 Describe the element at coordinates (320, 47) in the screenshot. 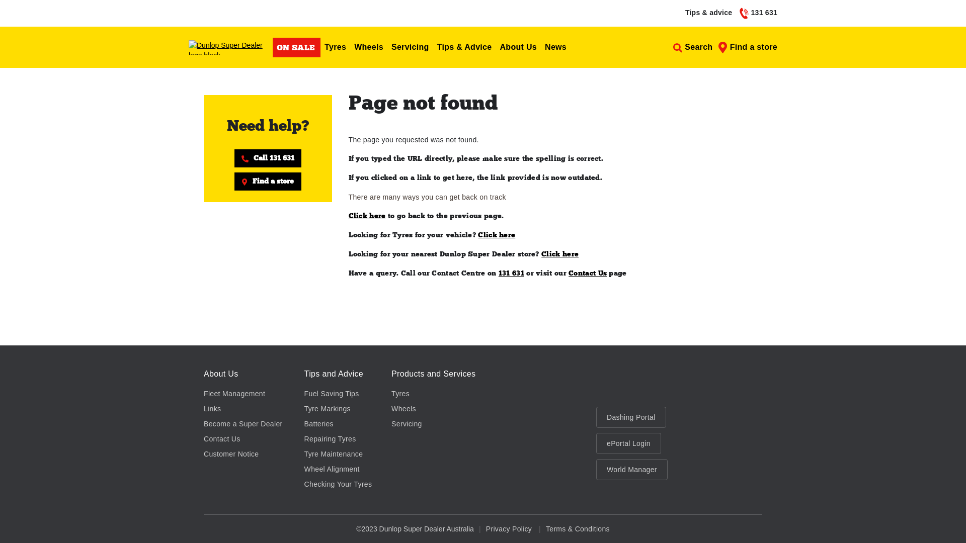

I see `'Tyres'` at that location.